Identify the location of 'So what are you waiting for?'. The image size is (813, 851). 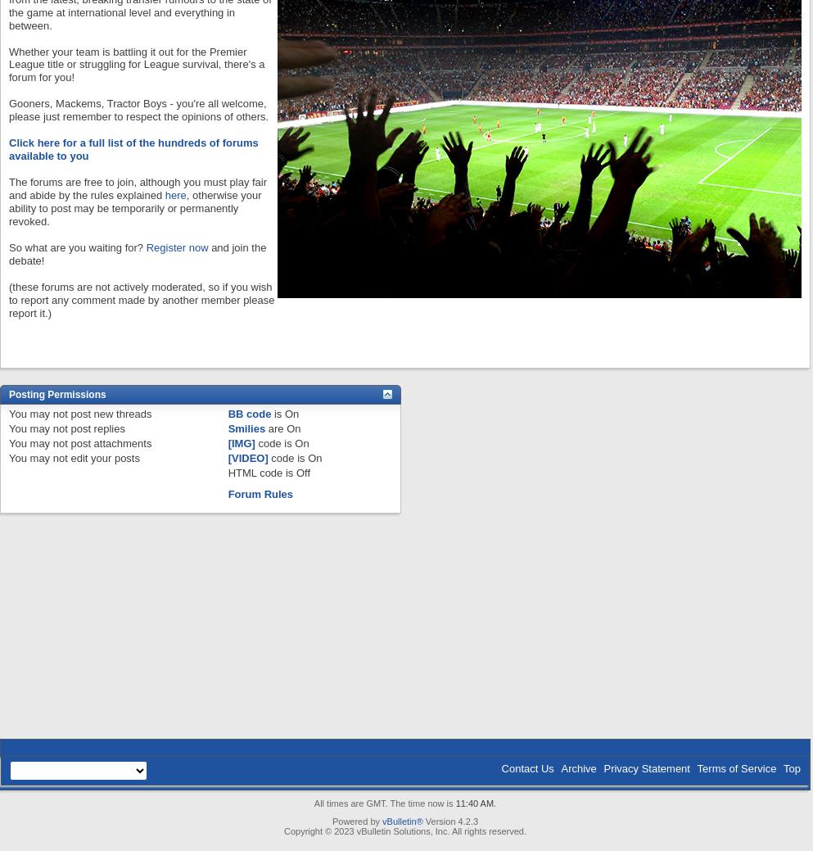
(8, 247).